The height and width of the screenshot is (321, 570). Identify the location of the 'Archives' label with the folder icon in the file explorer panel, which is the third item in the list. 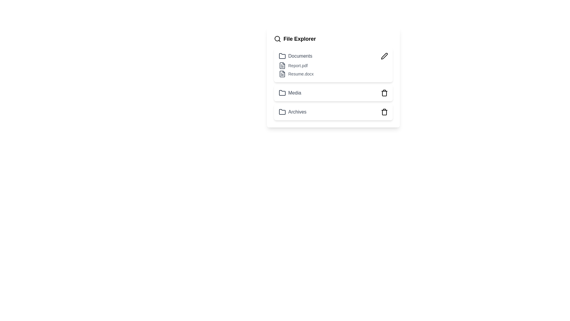
(292, 112).